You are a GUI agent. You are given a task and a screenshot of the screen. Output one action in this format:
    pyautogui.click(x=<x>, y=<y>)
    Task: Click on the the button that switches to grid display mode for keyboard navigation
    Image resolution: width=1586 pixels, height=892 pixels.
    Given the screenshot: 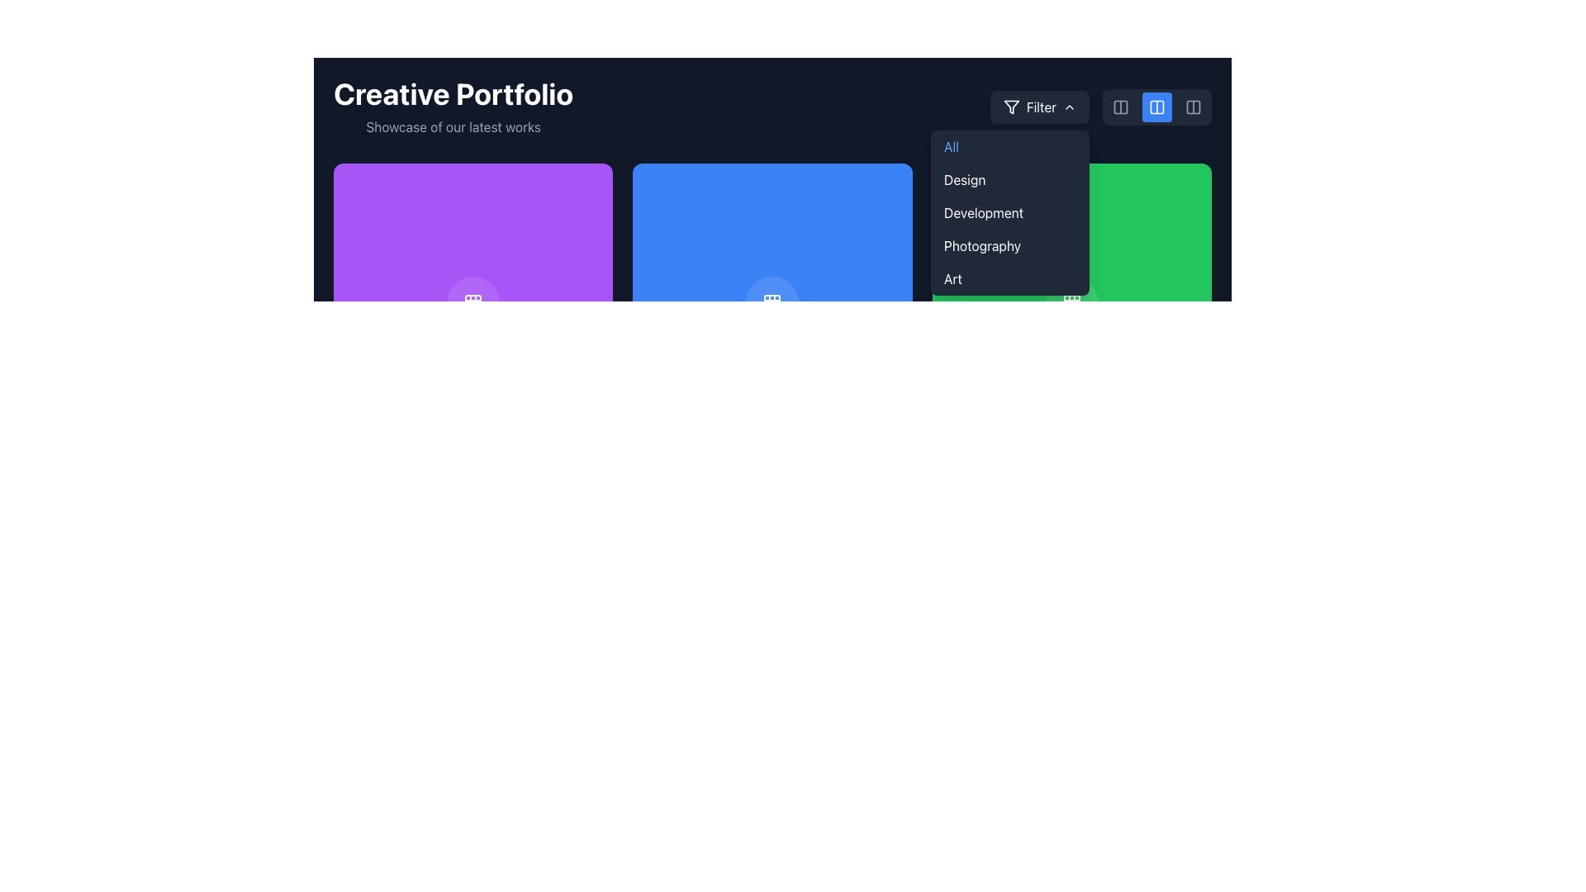 What is the action you would take?
    pyautogui.click(x=772, y=602)
    